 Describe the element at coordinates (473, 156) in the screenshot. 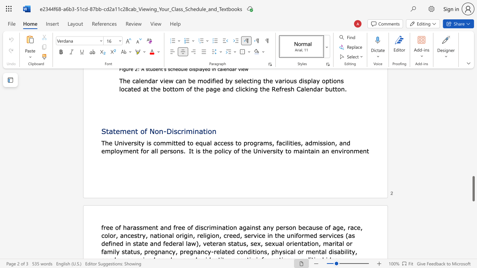

I see `the scrollbar on the side` at that location.